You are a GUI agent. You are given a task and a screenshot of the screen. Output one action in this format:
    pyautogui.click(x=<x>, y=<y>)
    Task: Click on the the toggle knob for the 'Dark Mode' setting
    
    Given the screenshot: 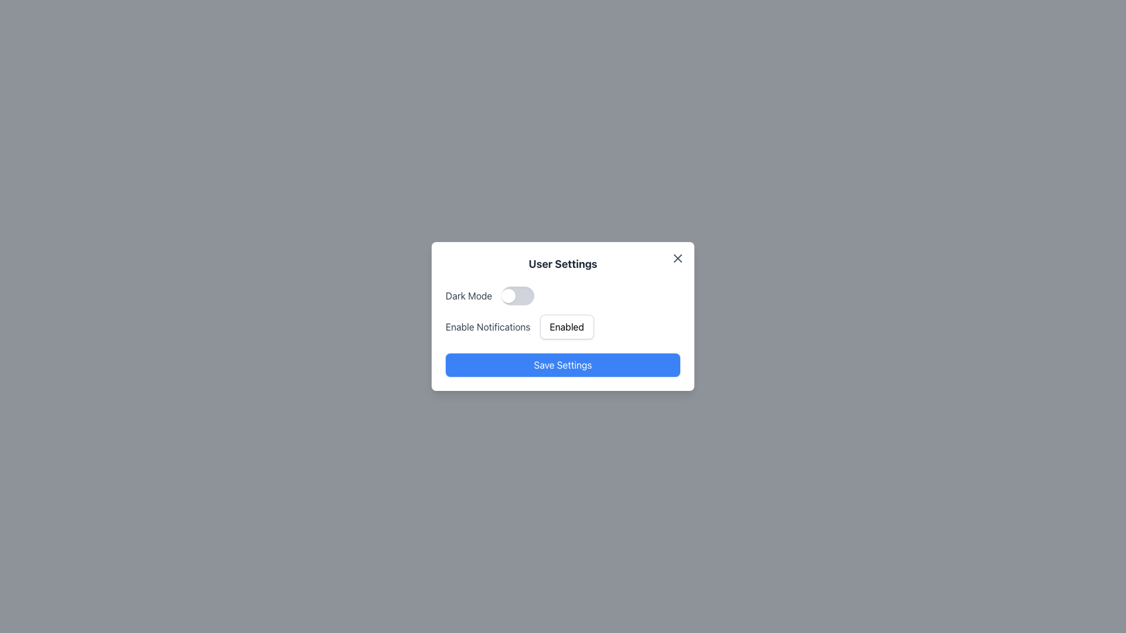 What is the action you would take?
    pyautogui.click(x=508, y=295)
    